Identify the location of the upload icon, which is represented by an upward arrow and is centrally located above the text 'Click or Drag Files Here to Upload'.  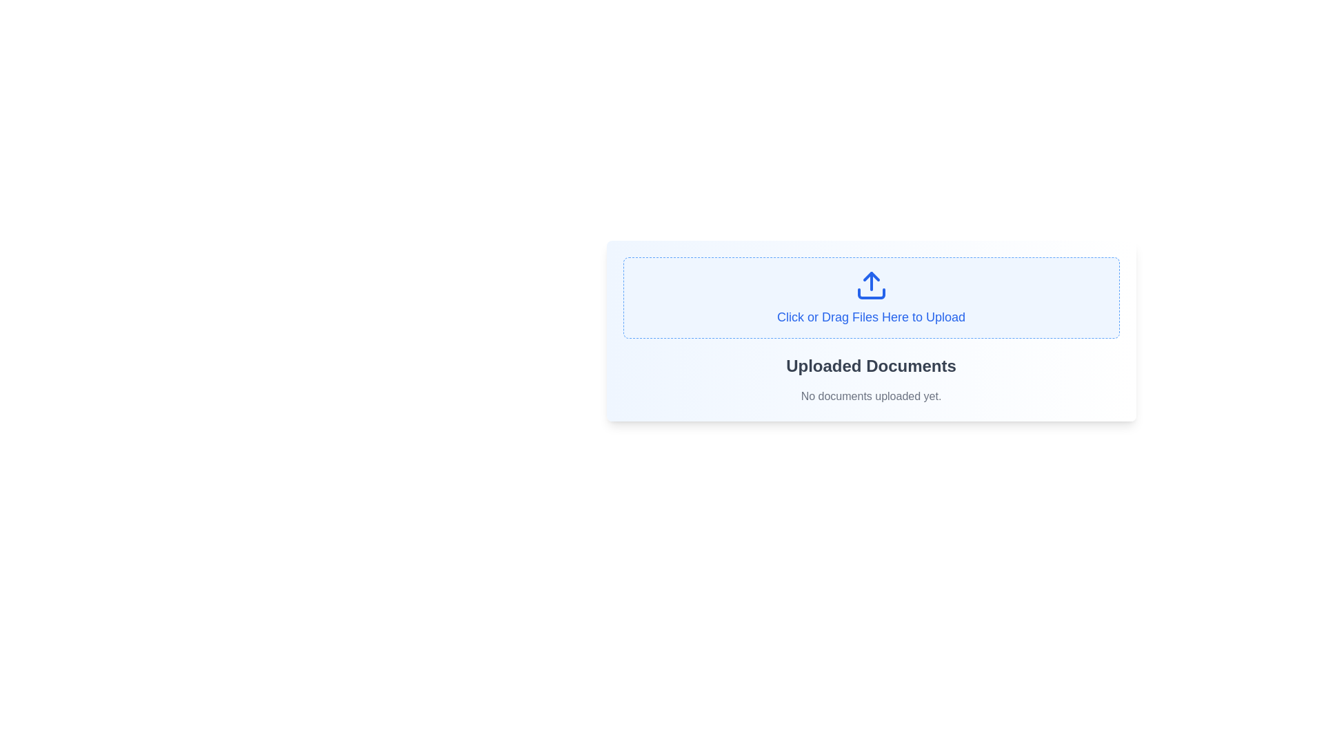
(870, 284).